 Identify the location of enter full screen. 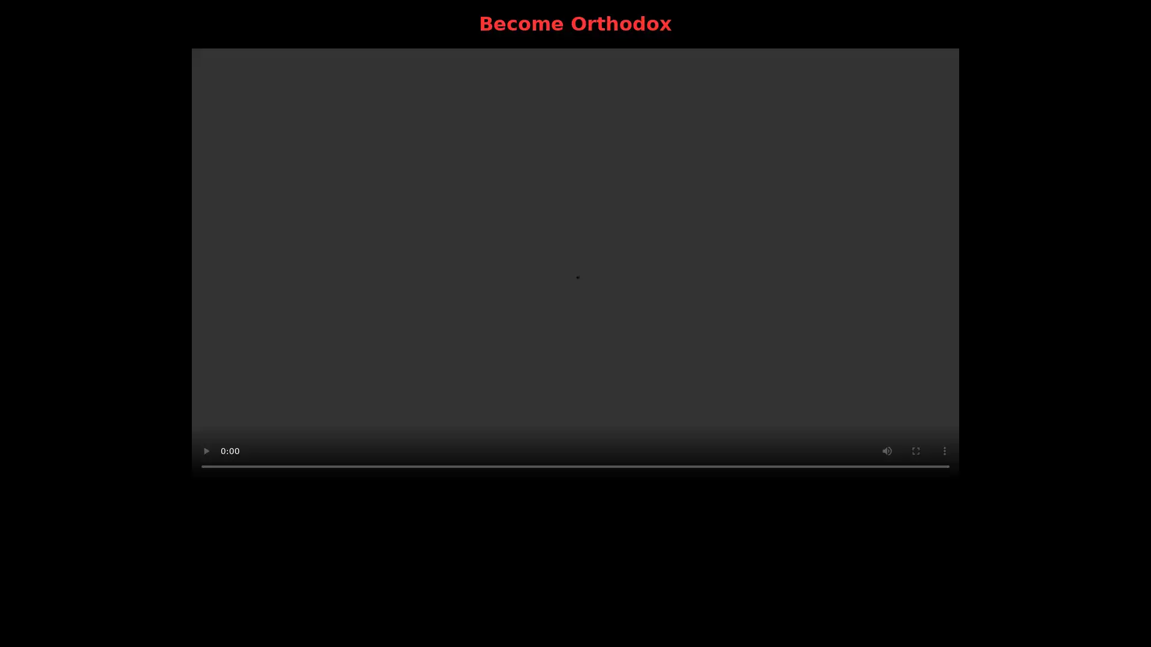
(915, 451).